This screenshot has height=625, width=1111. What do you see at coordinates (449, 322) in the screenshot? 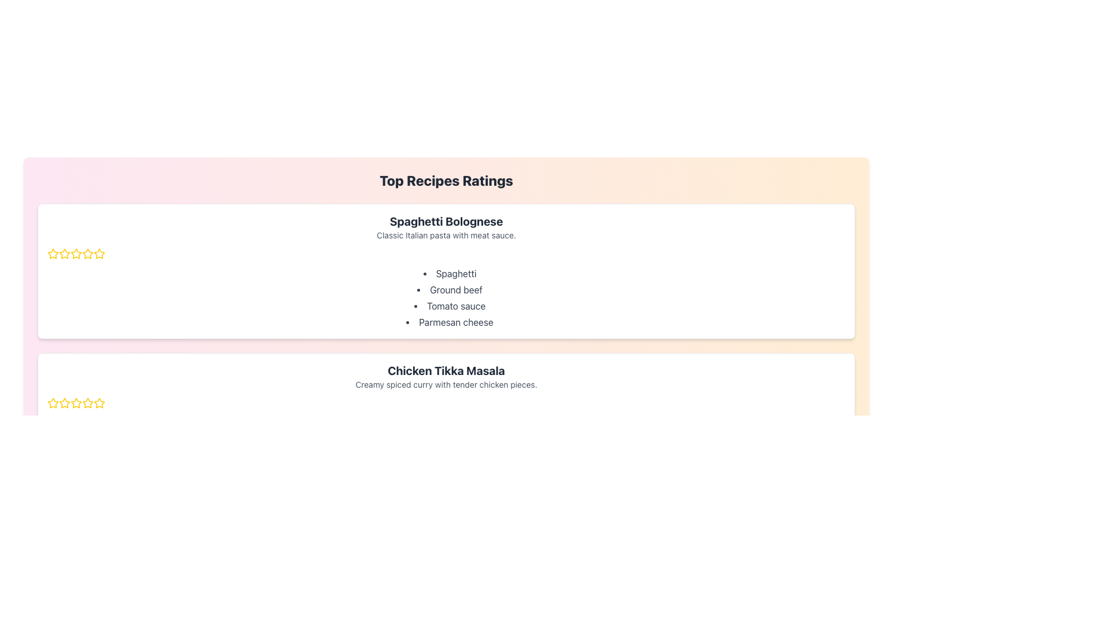
I see `information from the list item labeled 'Parmesan cheese' which is the fourth item in the bulleted list under the heading 'Spaghetti Bolognese'` at bounding box center [449, 322].